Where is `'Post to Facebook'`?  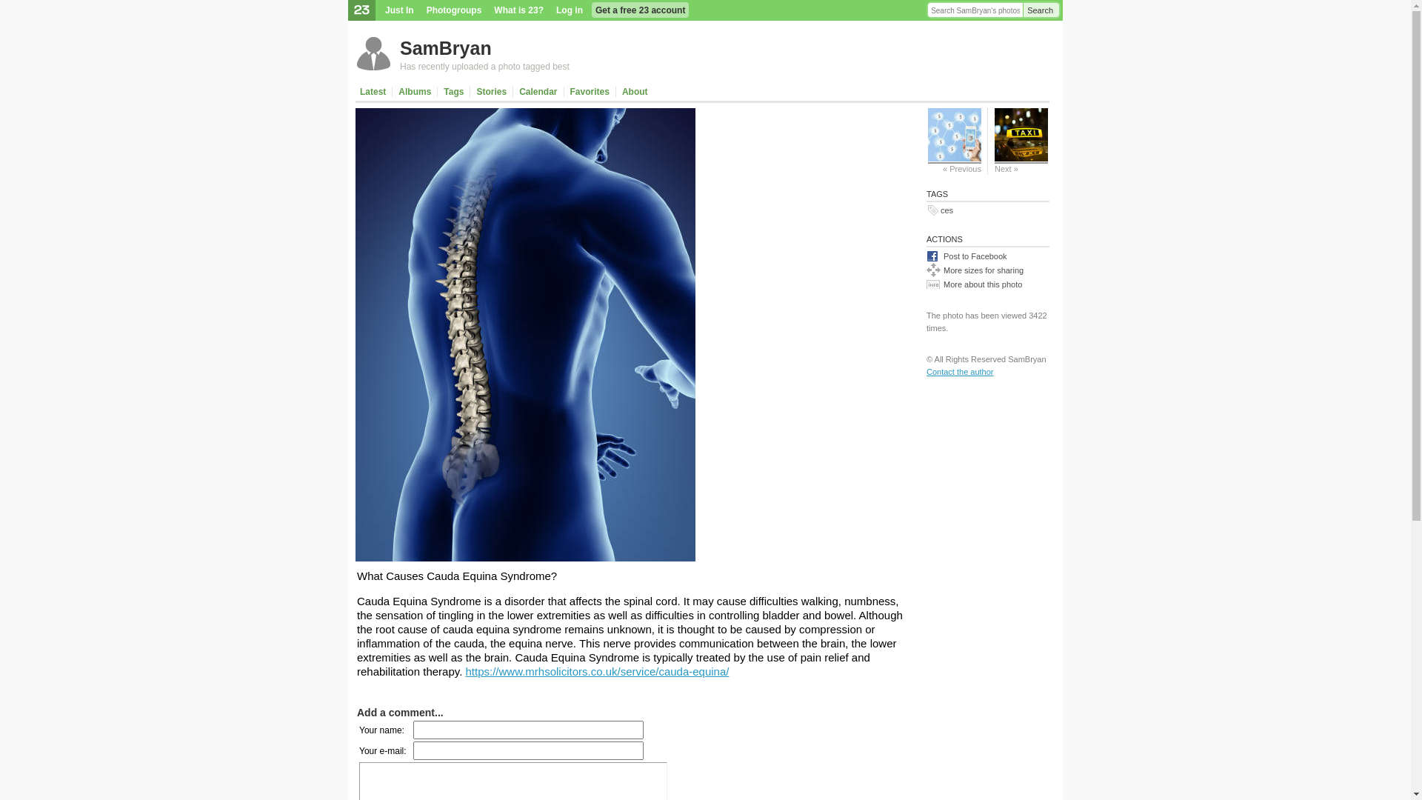
'Post to Facebook' is located at coordinates (988, 255).